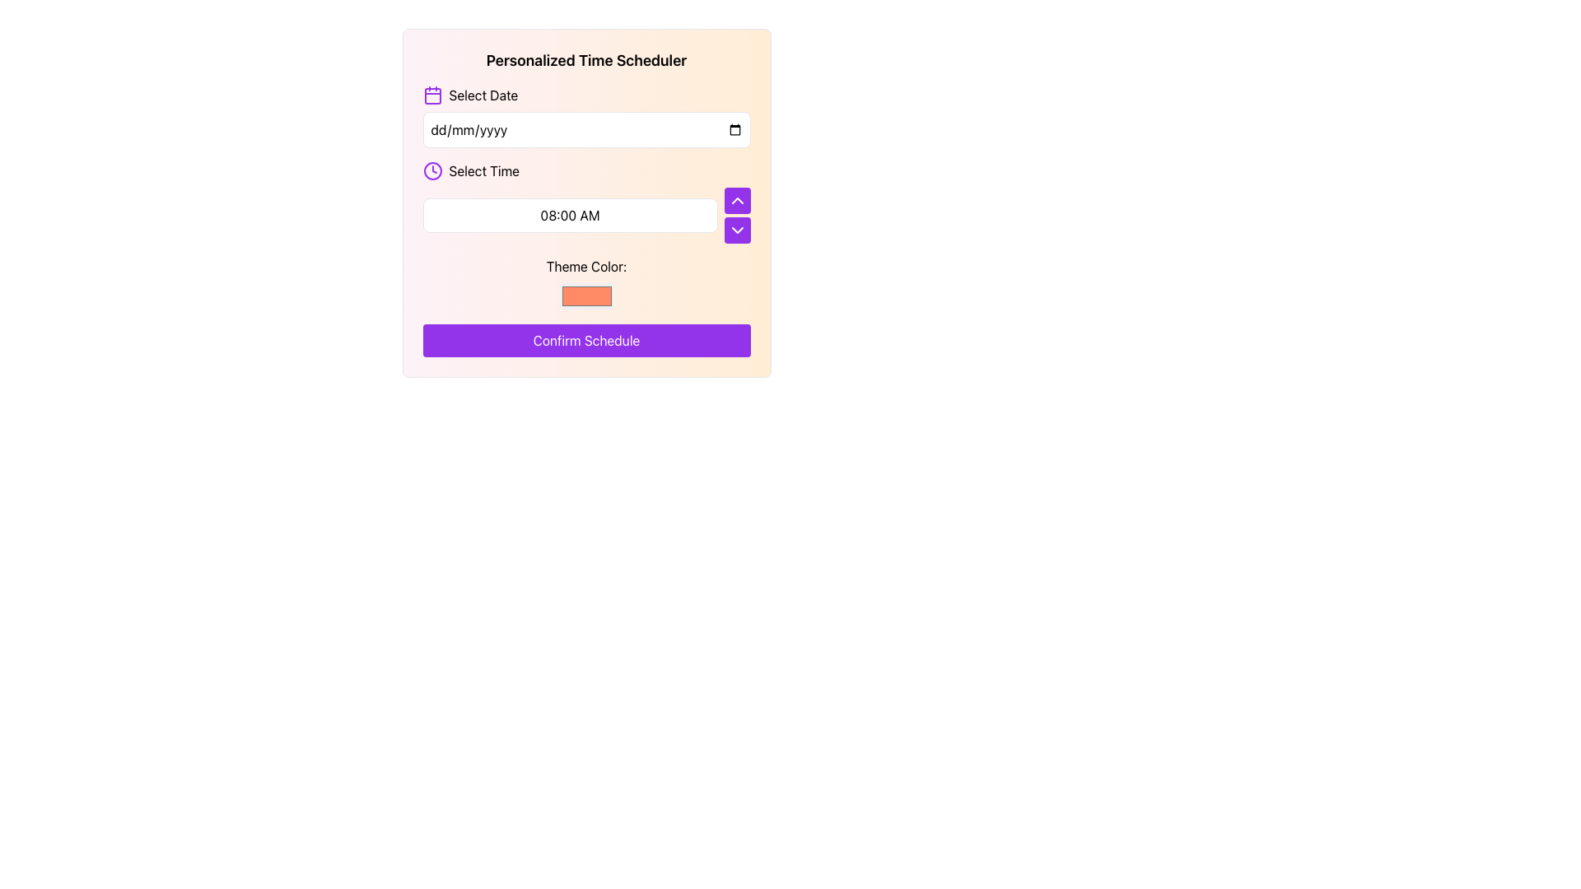 The image size is (1581, 889). I want to click on the small, rounded purple button with a white chevron icon pointing upwards to adjust time upward, so click(736, 199).